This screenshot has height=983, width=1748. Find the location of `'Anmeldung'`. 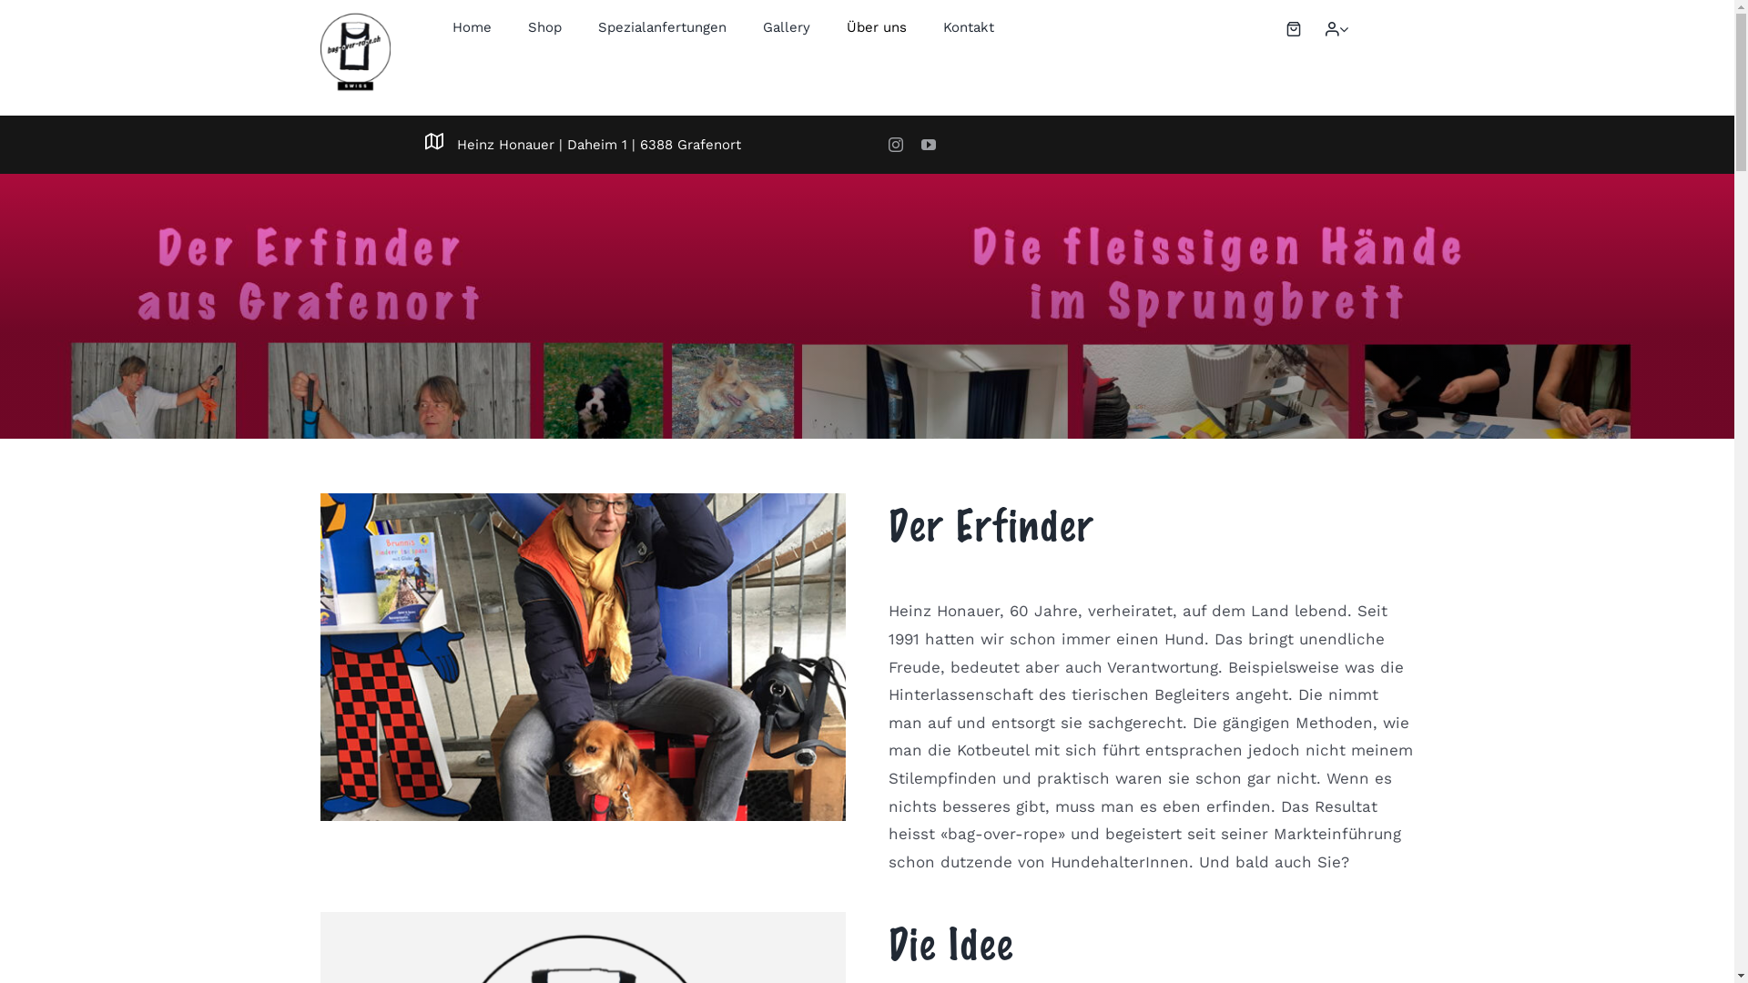

'Anmeldung' is located at coordinates (1300, 220).